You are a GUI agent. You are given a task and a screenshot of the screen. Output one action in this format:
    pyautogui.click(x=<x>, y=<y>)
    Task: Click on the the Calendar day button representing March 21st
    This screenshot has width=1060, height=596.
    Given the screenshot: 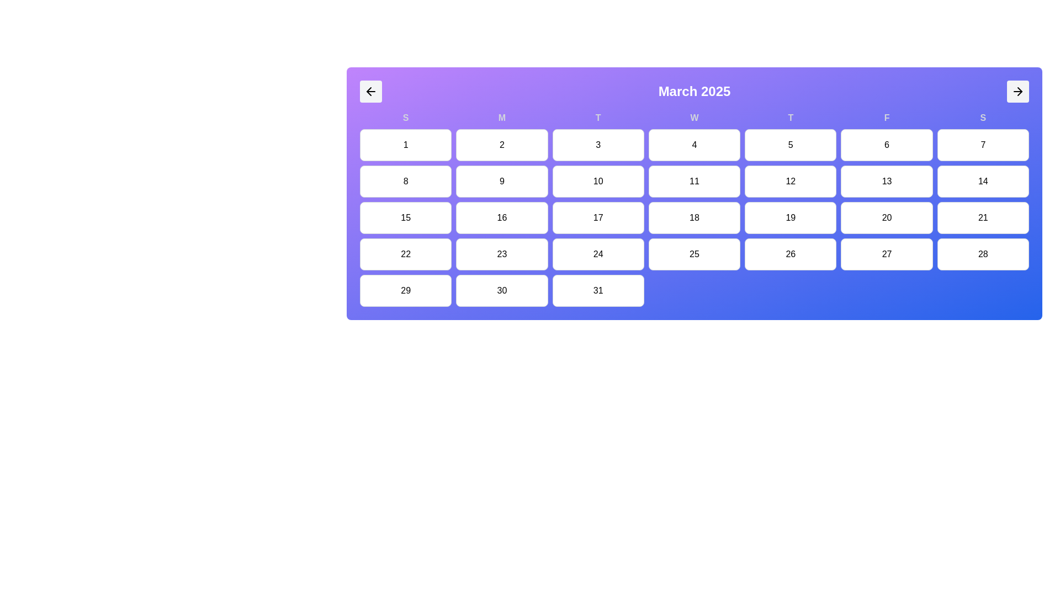 What is the action you would take?
    pyautogui.click(x=983, y=217)
    